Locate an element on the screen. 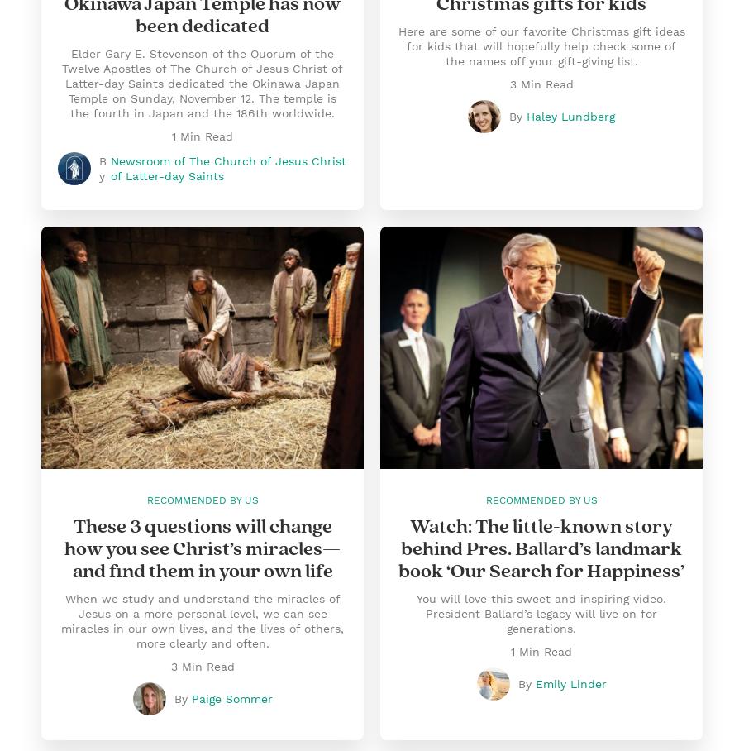 The width and height of the screenshot is (744, 751). 'Emily Linder' is located at coordinates (570, 684).